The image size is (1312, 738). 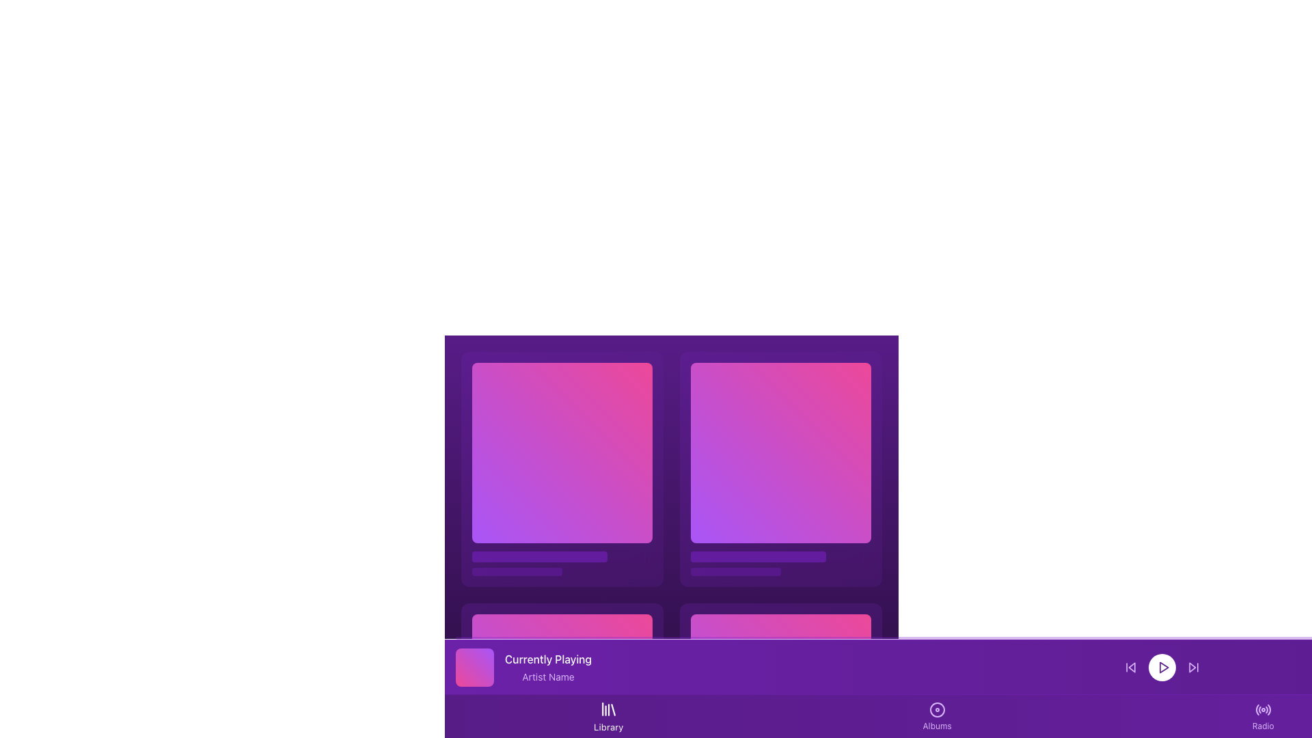 I want to click on the text block displaying 'Currently Playing' and 'Artist Name' in the now-playing section of the application, so click(x=548, y=666).